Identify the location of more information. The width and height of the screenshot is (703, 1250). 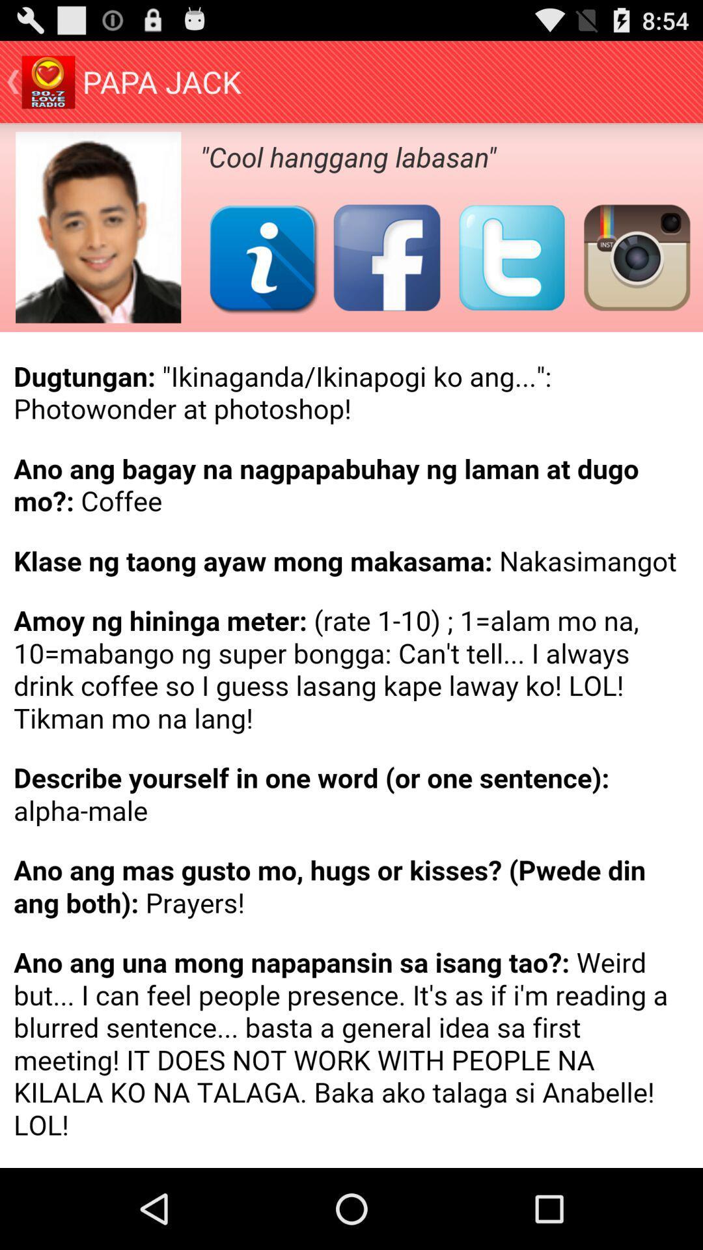
(262, 257).